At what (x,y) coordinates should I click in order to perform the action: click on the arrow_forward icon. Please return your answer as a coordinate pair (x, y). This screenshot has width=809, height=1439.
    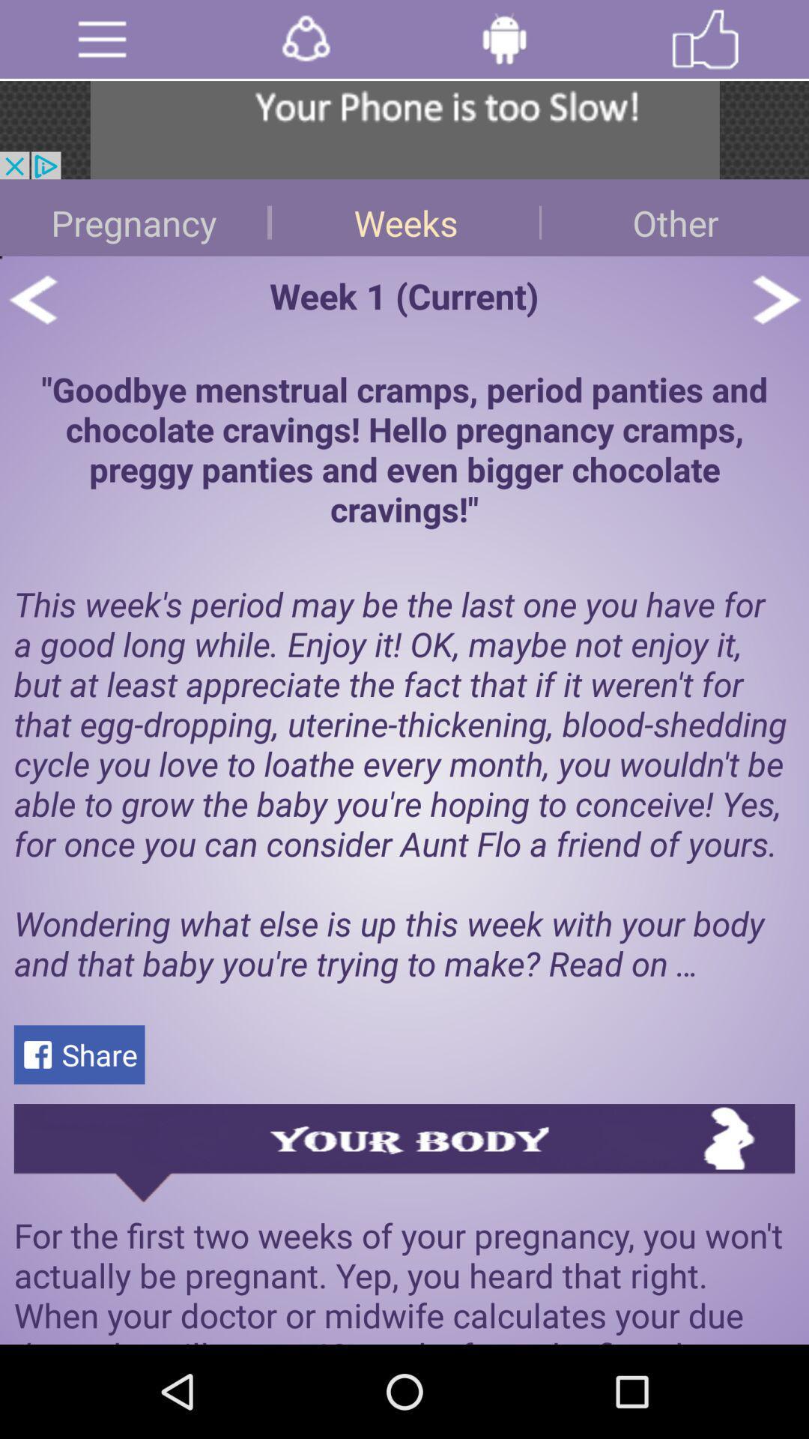
    Looking at the image, I should click on (775, 319).